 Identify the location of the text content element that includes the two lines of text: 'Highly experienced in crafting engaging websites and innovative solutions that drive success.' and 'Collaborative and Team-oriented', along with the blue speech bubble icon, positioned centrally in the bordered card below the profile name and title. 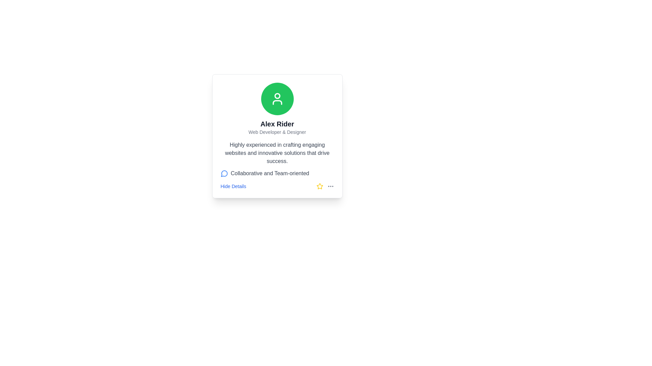
(277, 159).